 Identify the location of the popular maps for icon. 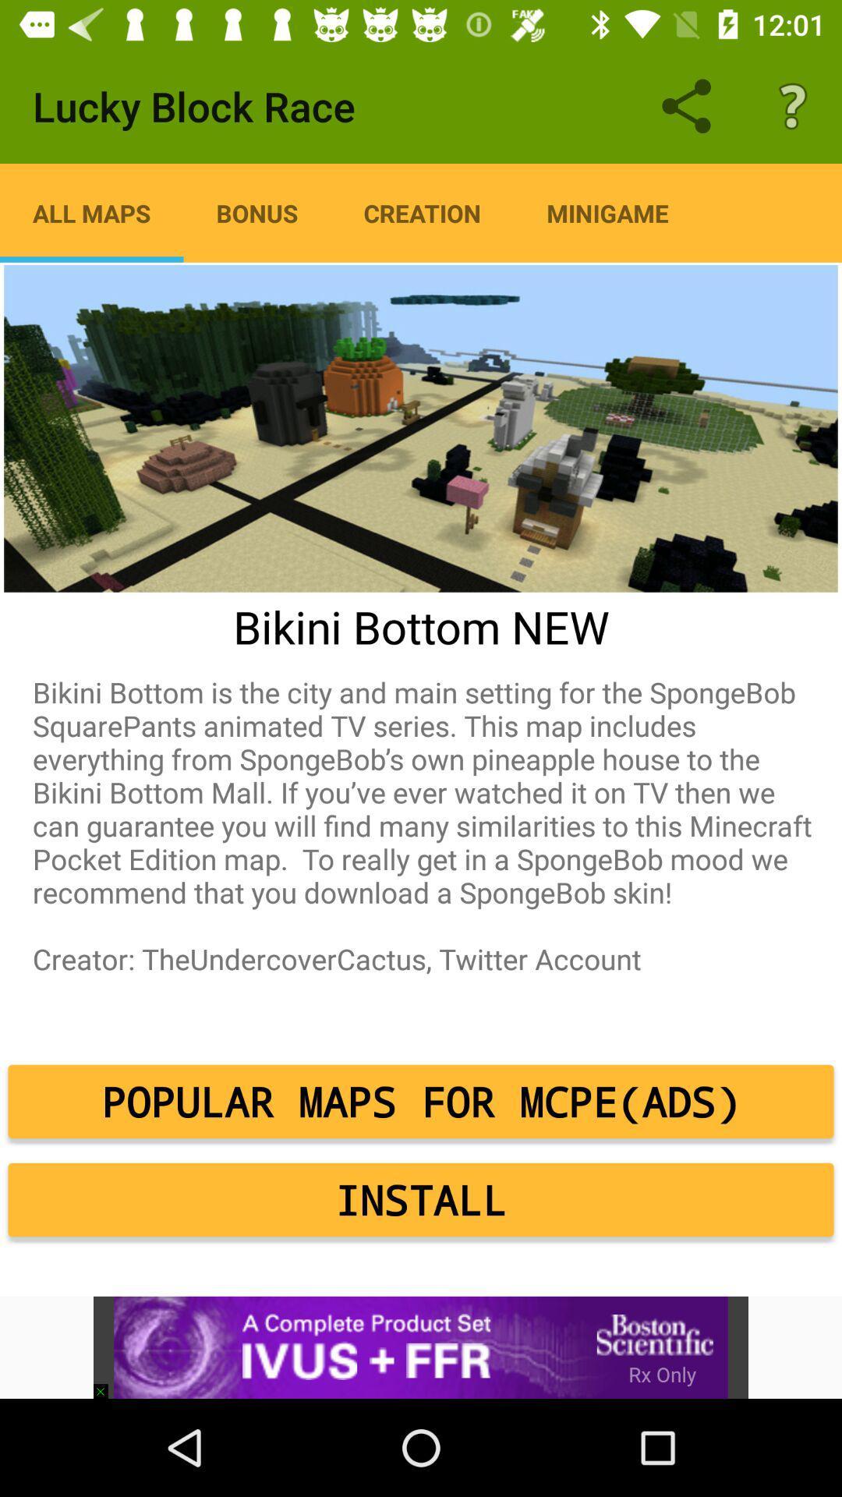
(421, 1100).